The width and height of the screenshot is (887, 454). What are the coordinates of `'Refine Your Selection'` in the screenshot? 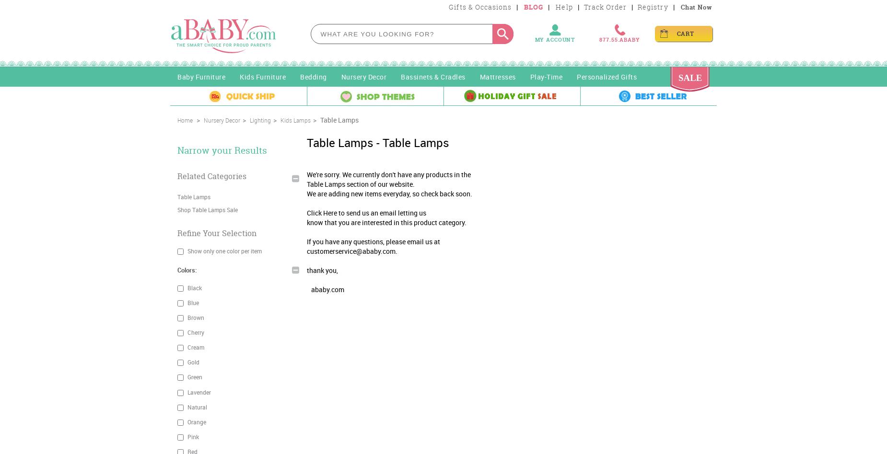 It's located at (216, 233).